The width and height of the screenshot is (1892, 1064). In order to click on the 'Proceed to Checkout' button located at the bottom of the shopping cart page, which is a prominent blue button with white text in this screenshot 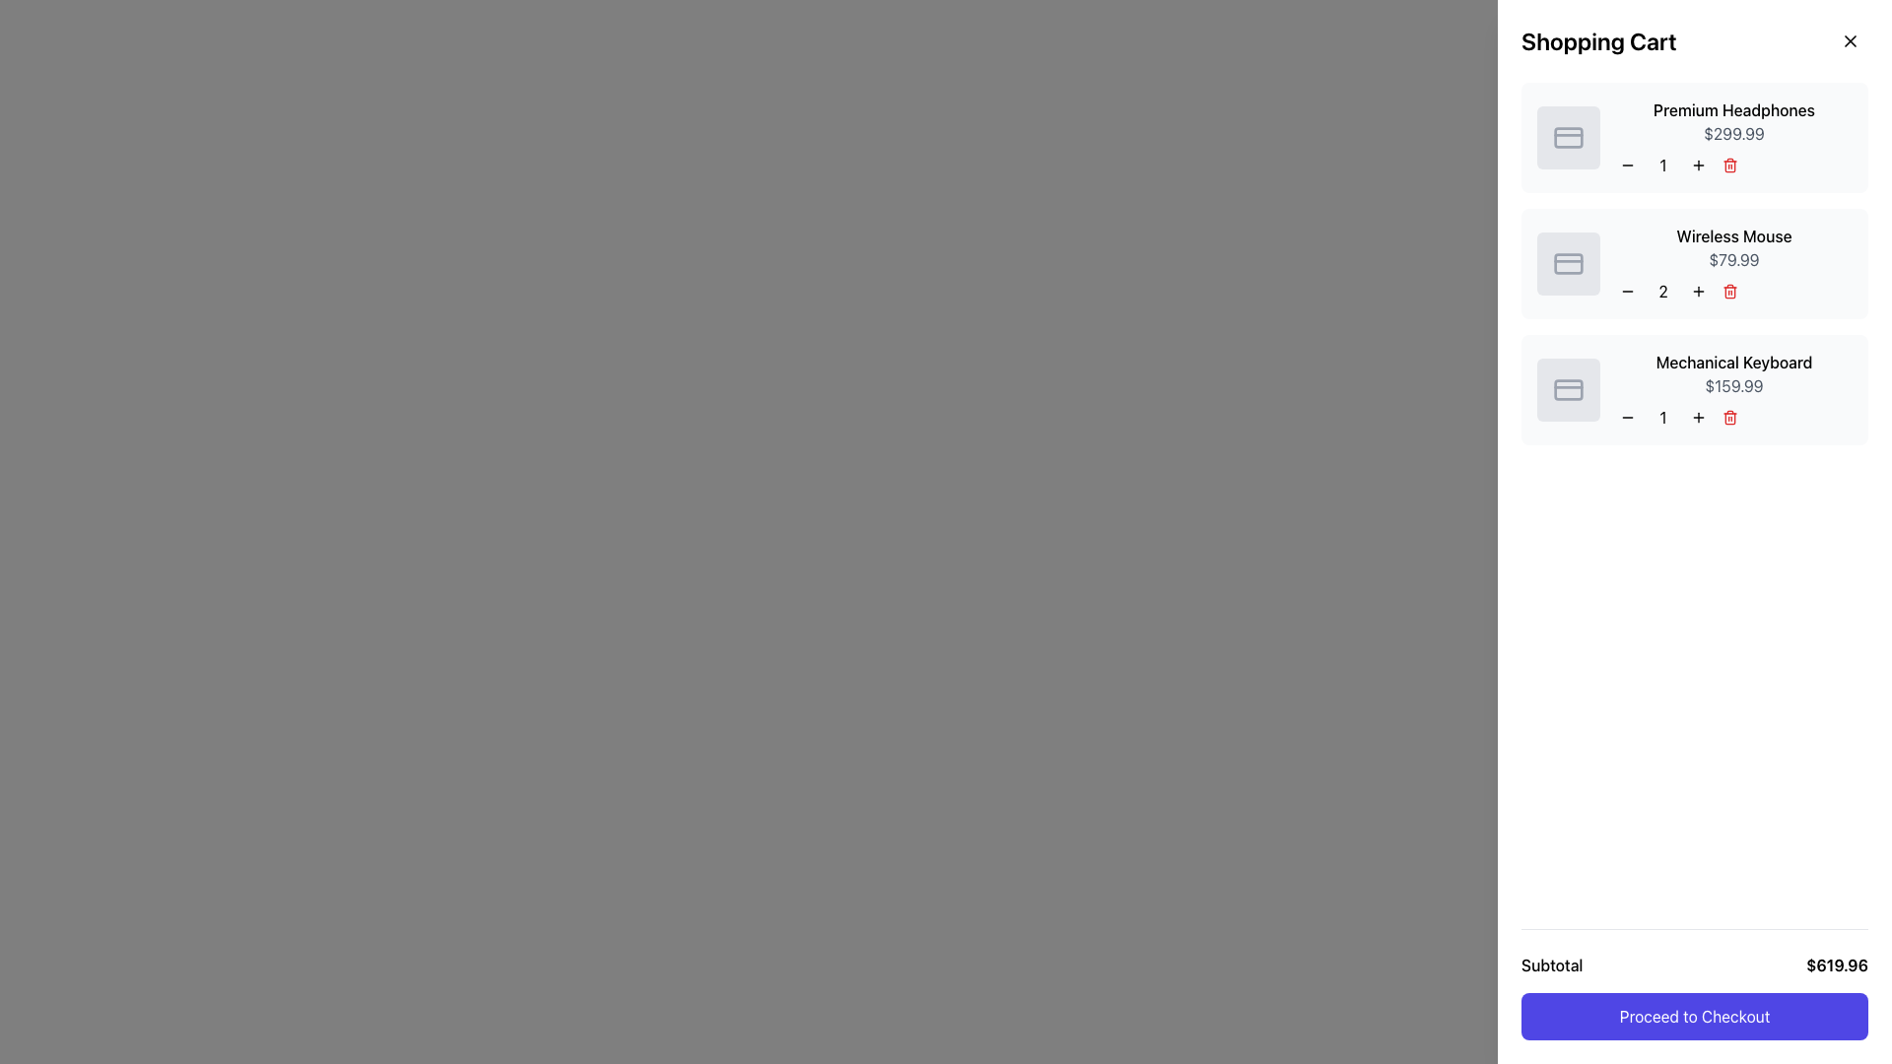, I will do `click(1693, 984)`.